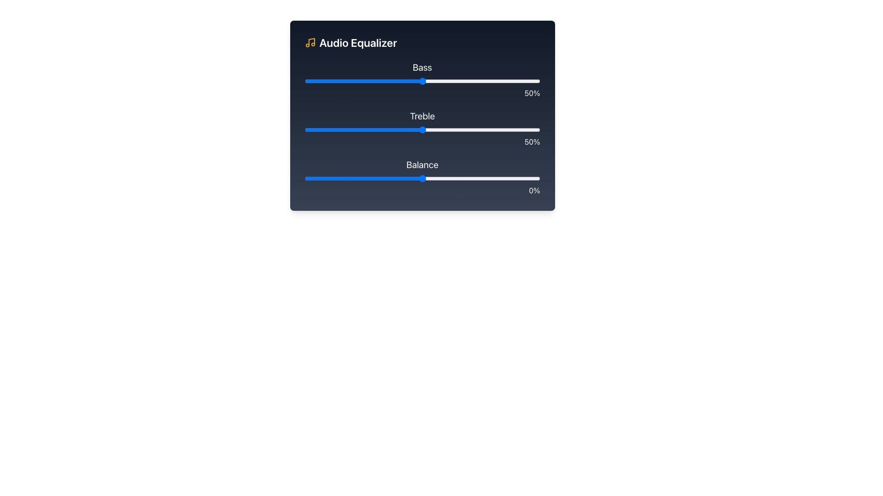 The height and width of the screenshot is (496, 883). I want to click on the text label displaying 'Bass', which is styled in white color with a large font size and located at the top of the bass adjustment section, so click(422, 67).